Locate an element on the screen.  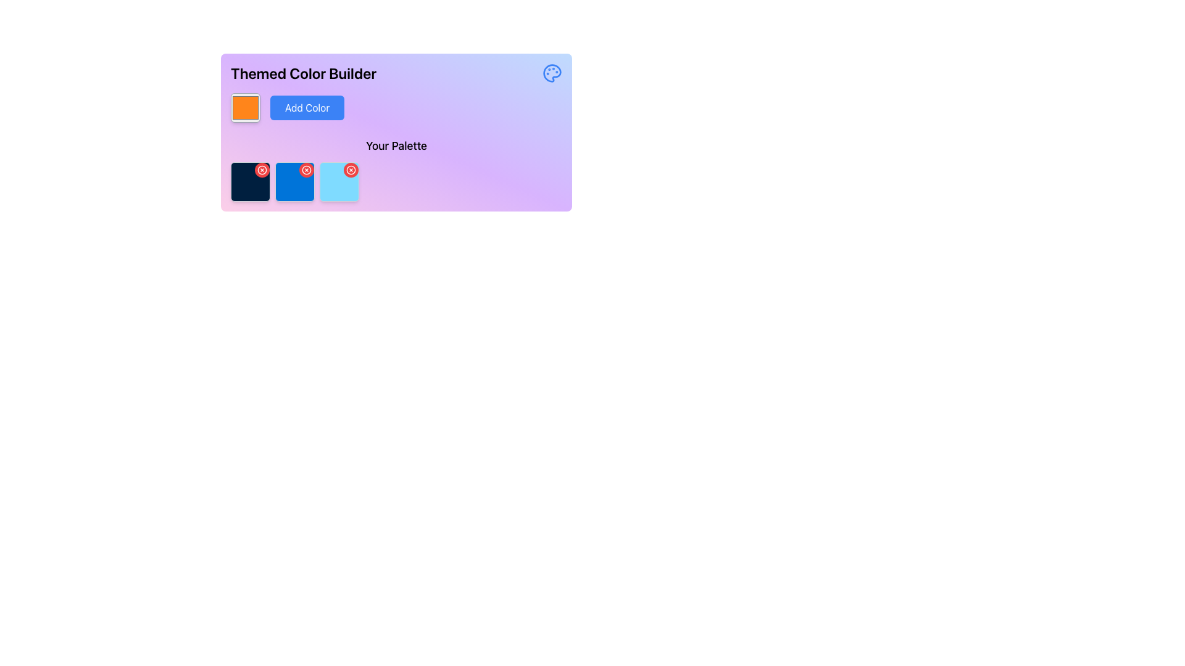
the button located at the top-right corner of the third square card in the palette section is located at coordinates (351, 170).